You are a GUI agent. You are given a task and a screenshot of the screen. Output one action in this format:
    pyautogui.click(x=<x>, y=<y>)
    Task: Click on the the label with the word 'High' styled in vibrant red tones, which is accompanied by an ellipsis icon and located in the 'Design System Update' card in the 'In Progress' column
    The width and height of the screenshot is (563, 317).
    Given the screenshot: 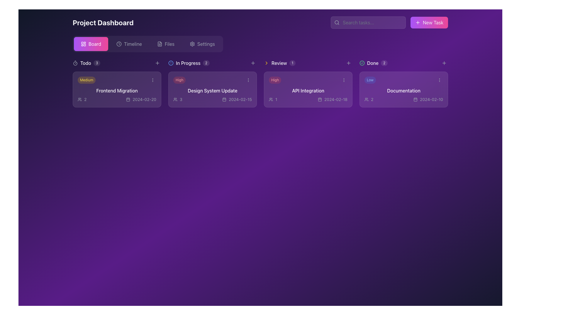 What is the action you would take?
    pyautogui.click(x=212, y=80)
    